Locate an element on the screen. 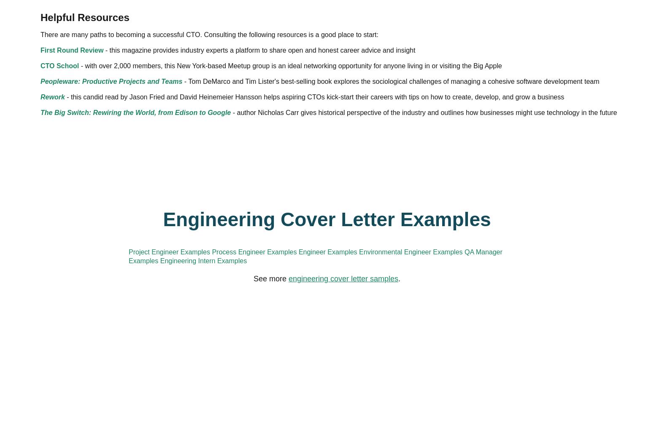 The width and height of the screenshot is (654, 438). 'CTO School' is located at coordinates (200, 206).